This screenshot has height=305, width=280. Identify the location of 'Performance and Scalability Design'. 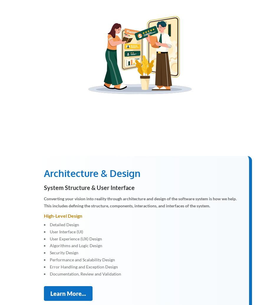
(82, 259).